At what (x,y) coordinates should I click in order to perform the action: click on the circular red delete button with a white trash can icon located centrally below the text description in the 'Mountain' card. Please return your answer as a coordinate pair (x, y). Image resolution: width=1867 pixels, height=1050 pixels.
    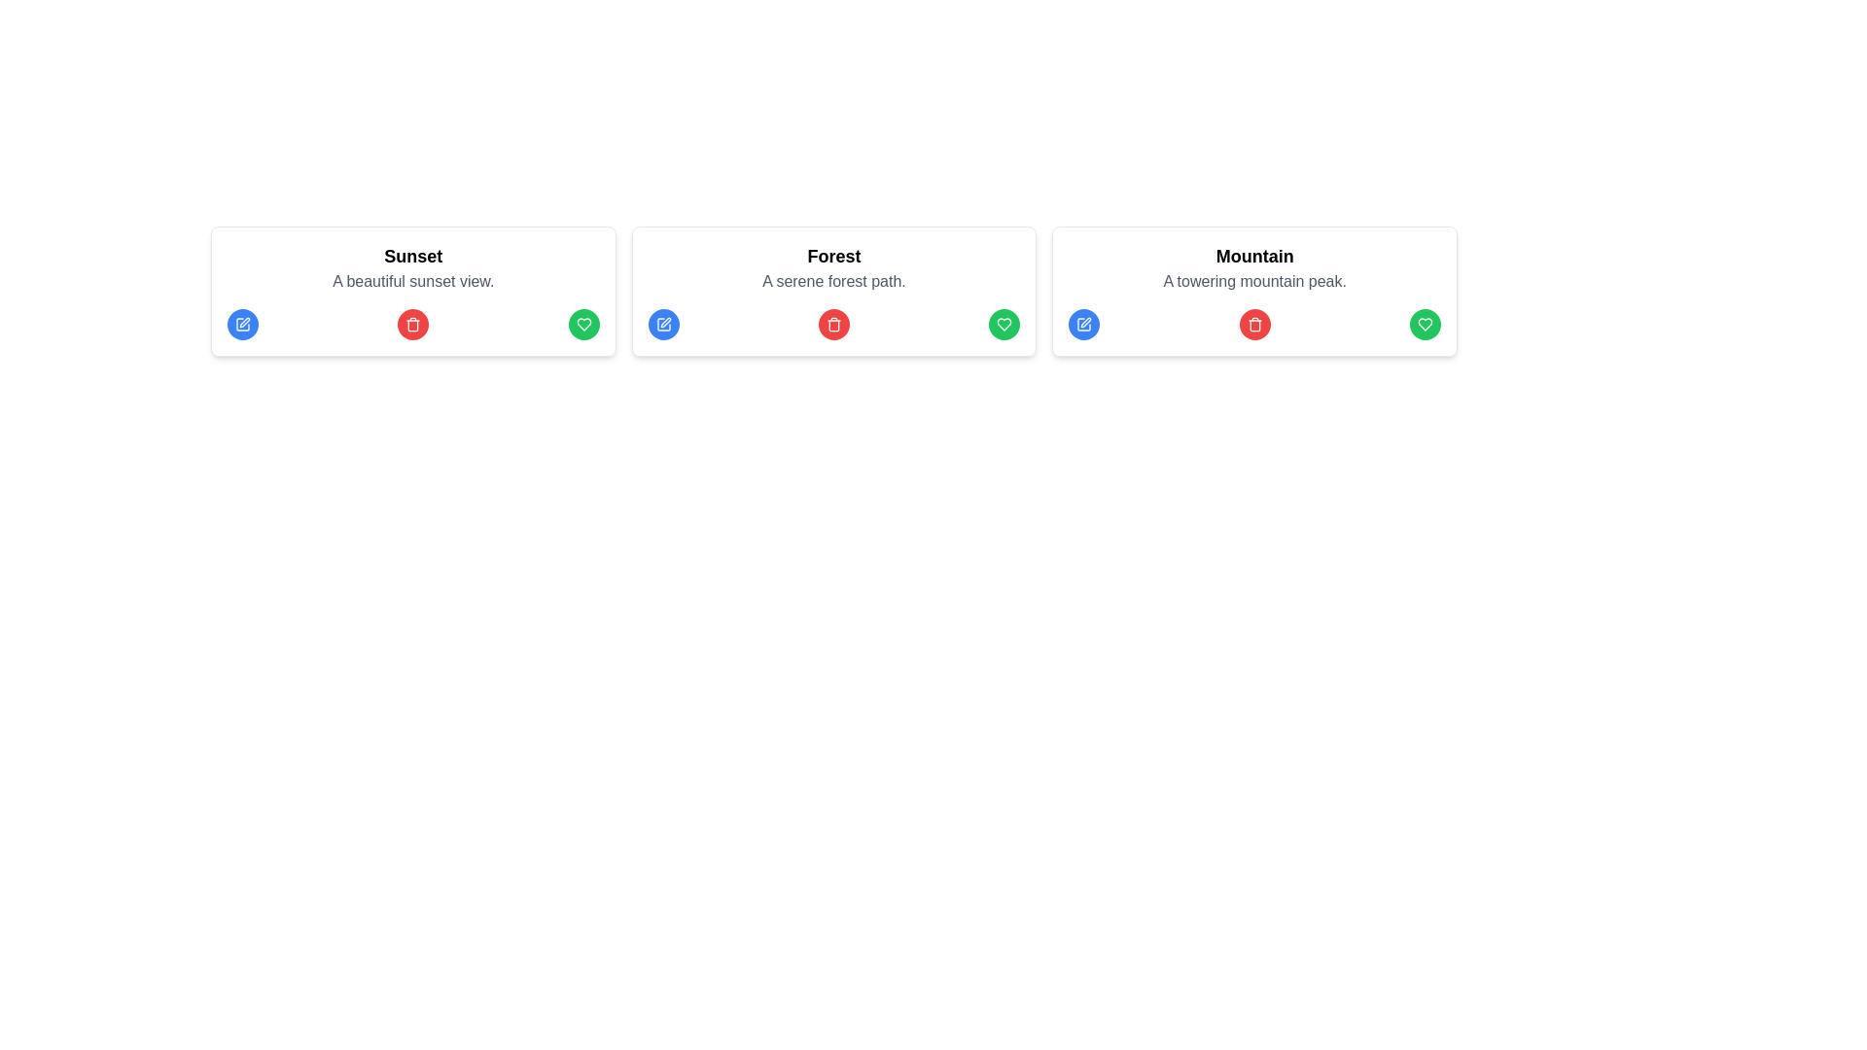
    Looking at the image, I should click on (1254, 324).